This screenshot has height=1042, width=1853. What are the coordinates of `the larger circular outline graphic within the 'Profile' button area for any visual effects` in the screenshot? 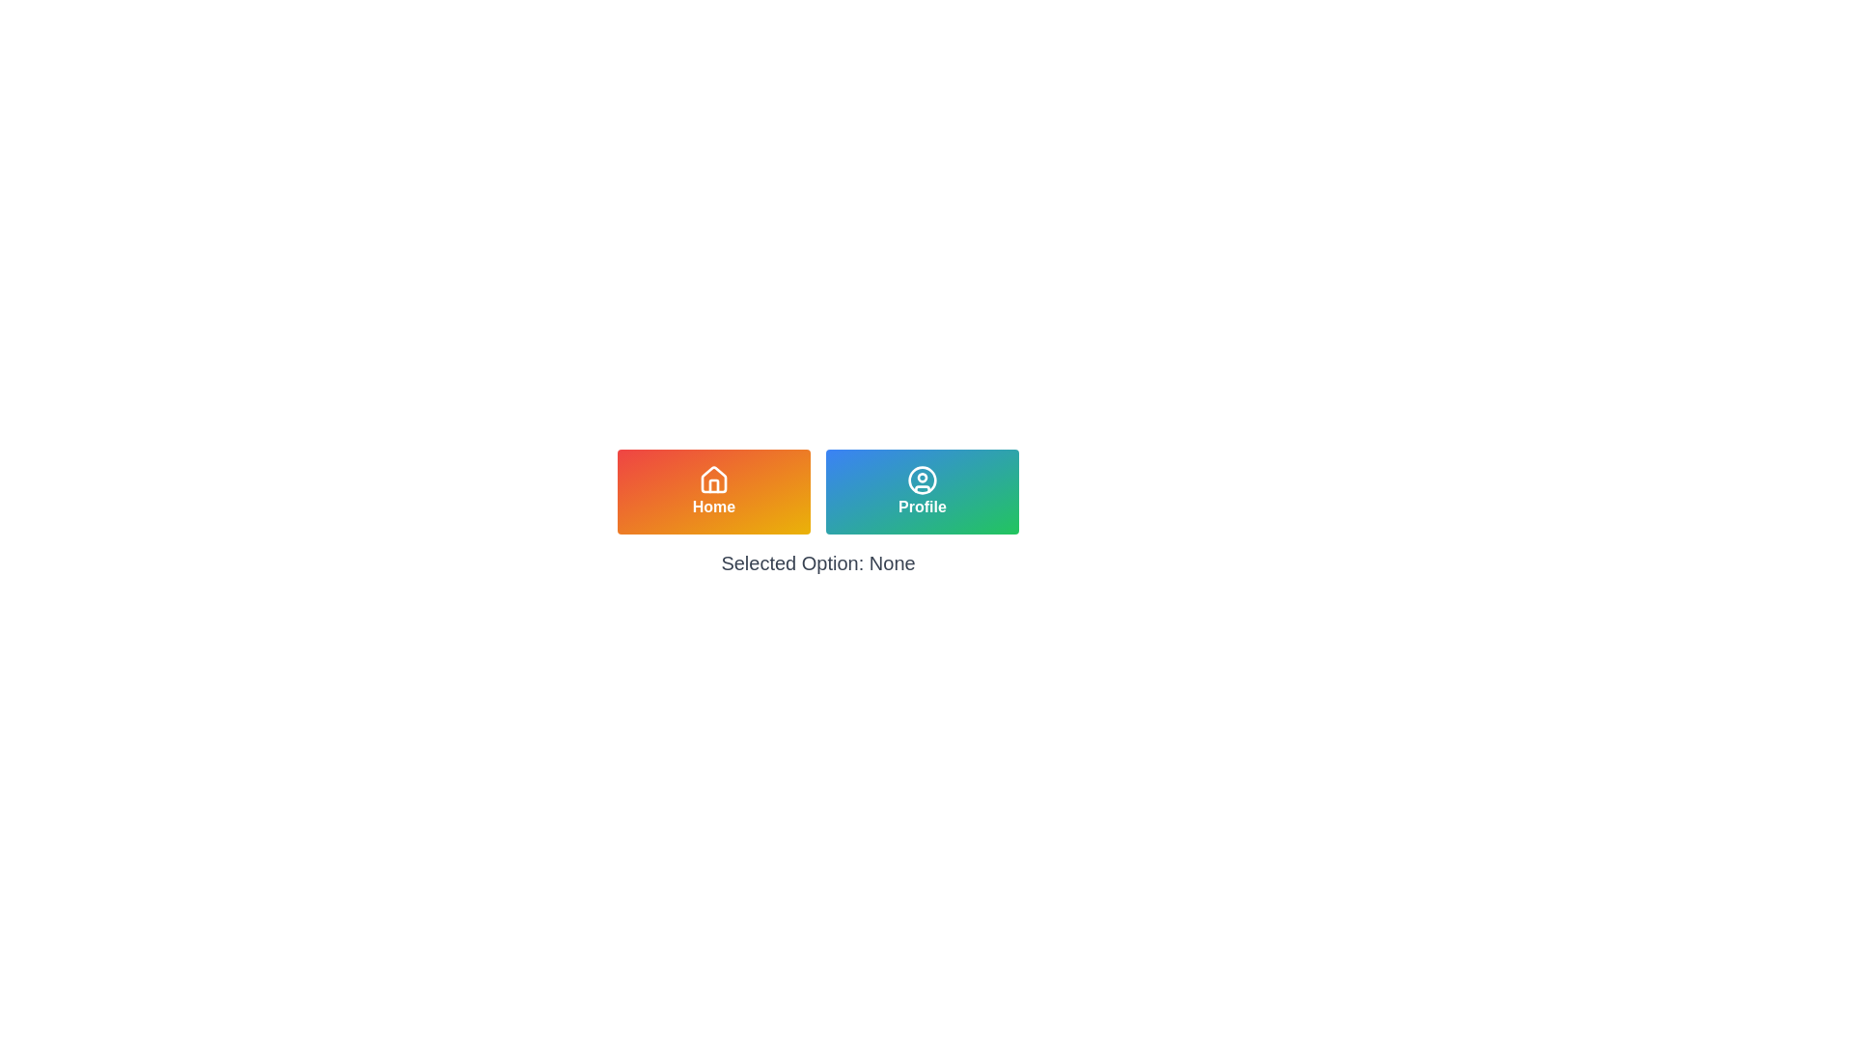 It's located at (921, 479).